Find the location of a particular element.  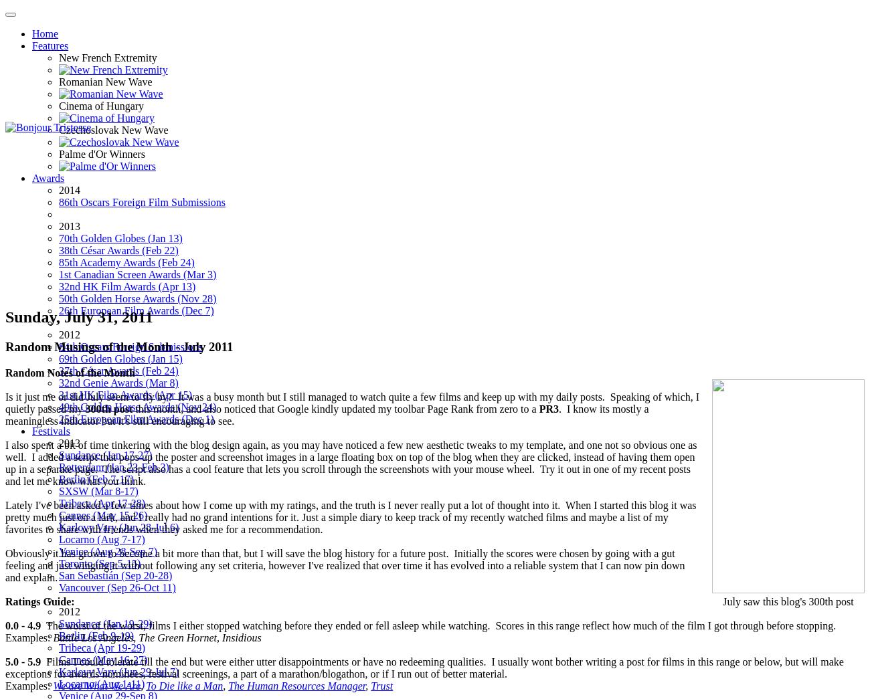

'0.0 - 4.9' is located at coordinates (22, 624).